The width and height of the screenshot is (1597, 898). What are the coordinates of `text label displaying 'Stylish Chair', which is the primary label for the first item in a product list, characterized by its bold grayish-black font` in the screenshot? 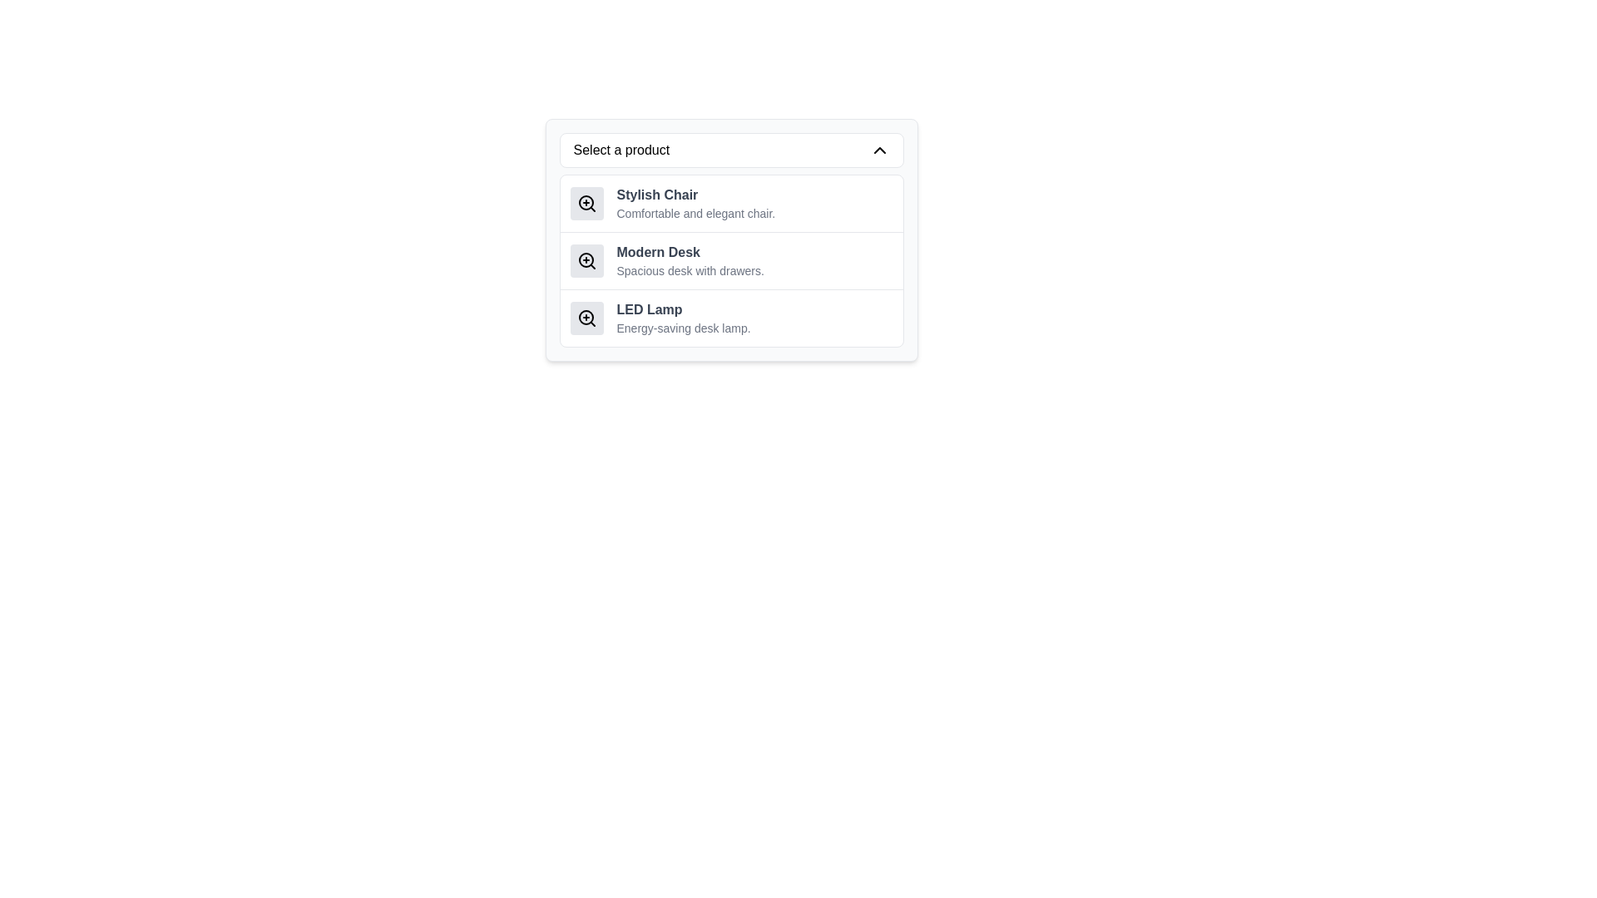 It's located at (695, 195).